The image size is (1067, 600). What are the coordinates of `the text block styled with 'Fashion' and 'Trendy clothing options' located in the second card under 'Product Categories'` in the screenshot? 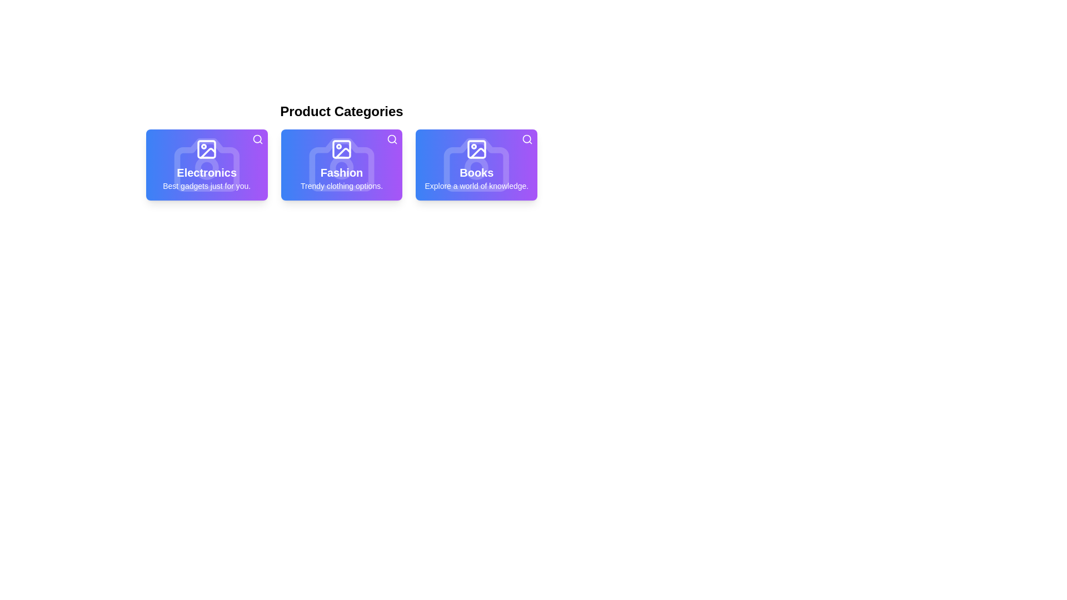 It's located at (341, 165).